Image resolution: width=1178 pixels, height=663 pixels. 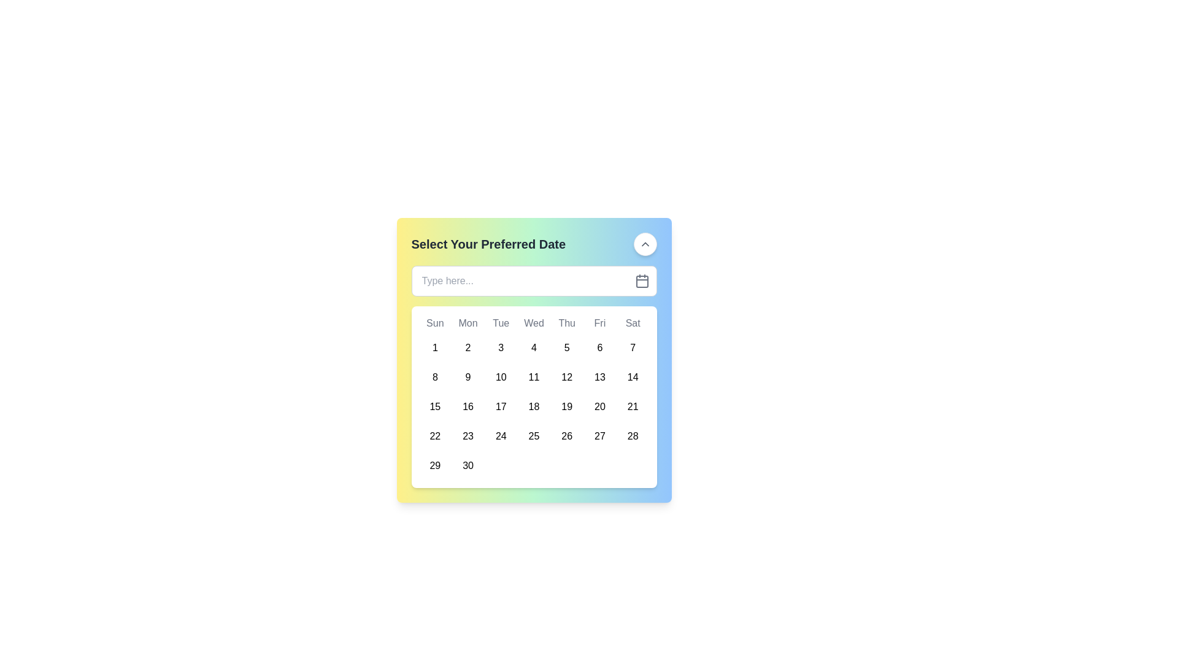 I want to click on the round button displaying the text '10' in the calendar grid under the column labeled 'Tue', so click(x=501, y=376).